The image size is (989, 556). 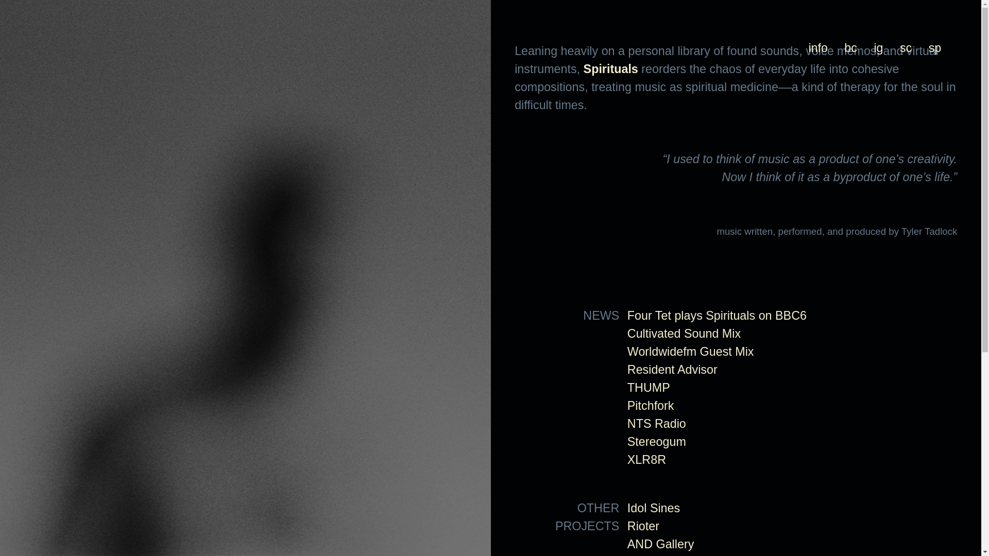 I want to click on 'Stereogum', so click(x=656, y=442).